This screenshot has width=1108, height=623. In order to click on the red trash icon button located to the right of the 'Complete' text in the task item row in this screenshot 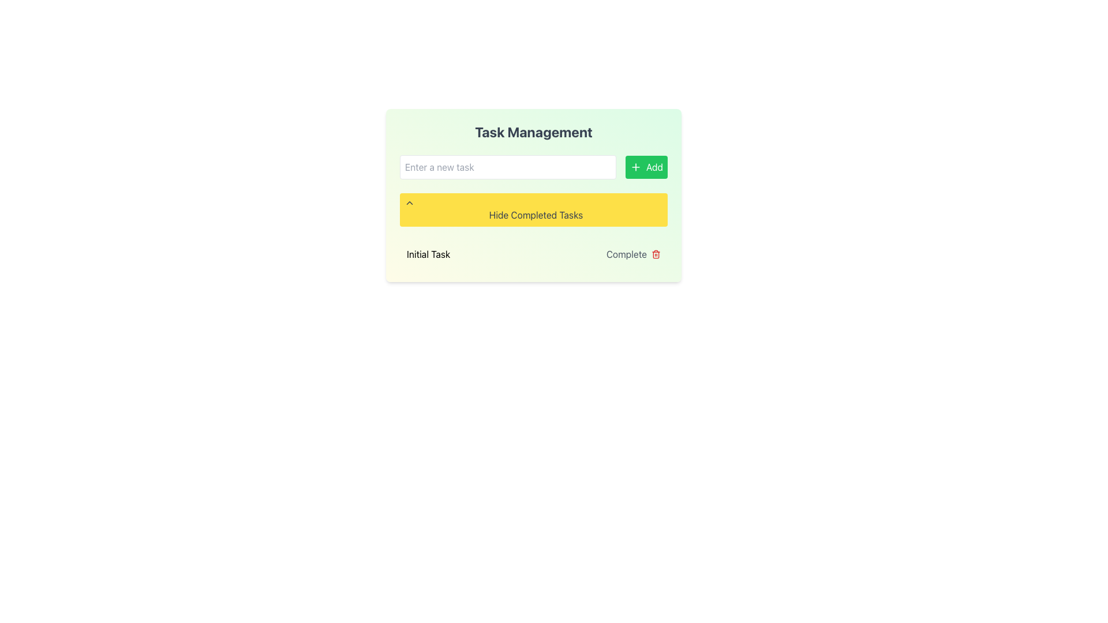, I will do `click(656, 253)`.